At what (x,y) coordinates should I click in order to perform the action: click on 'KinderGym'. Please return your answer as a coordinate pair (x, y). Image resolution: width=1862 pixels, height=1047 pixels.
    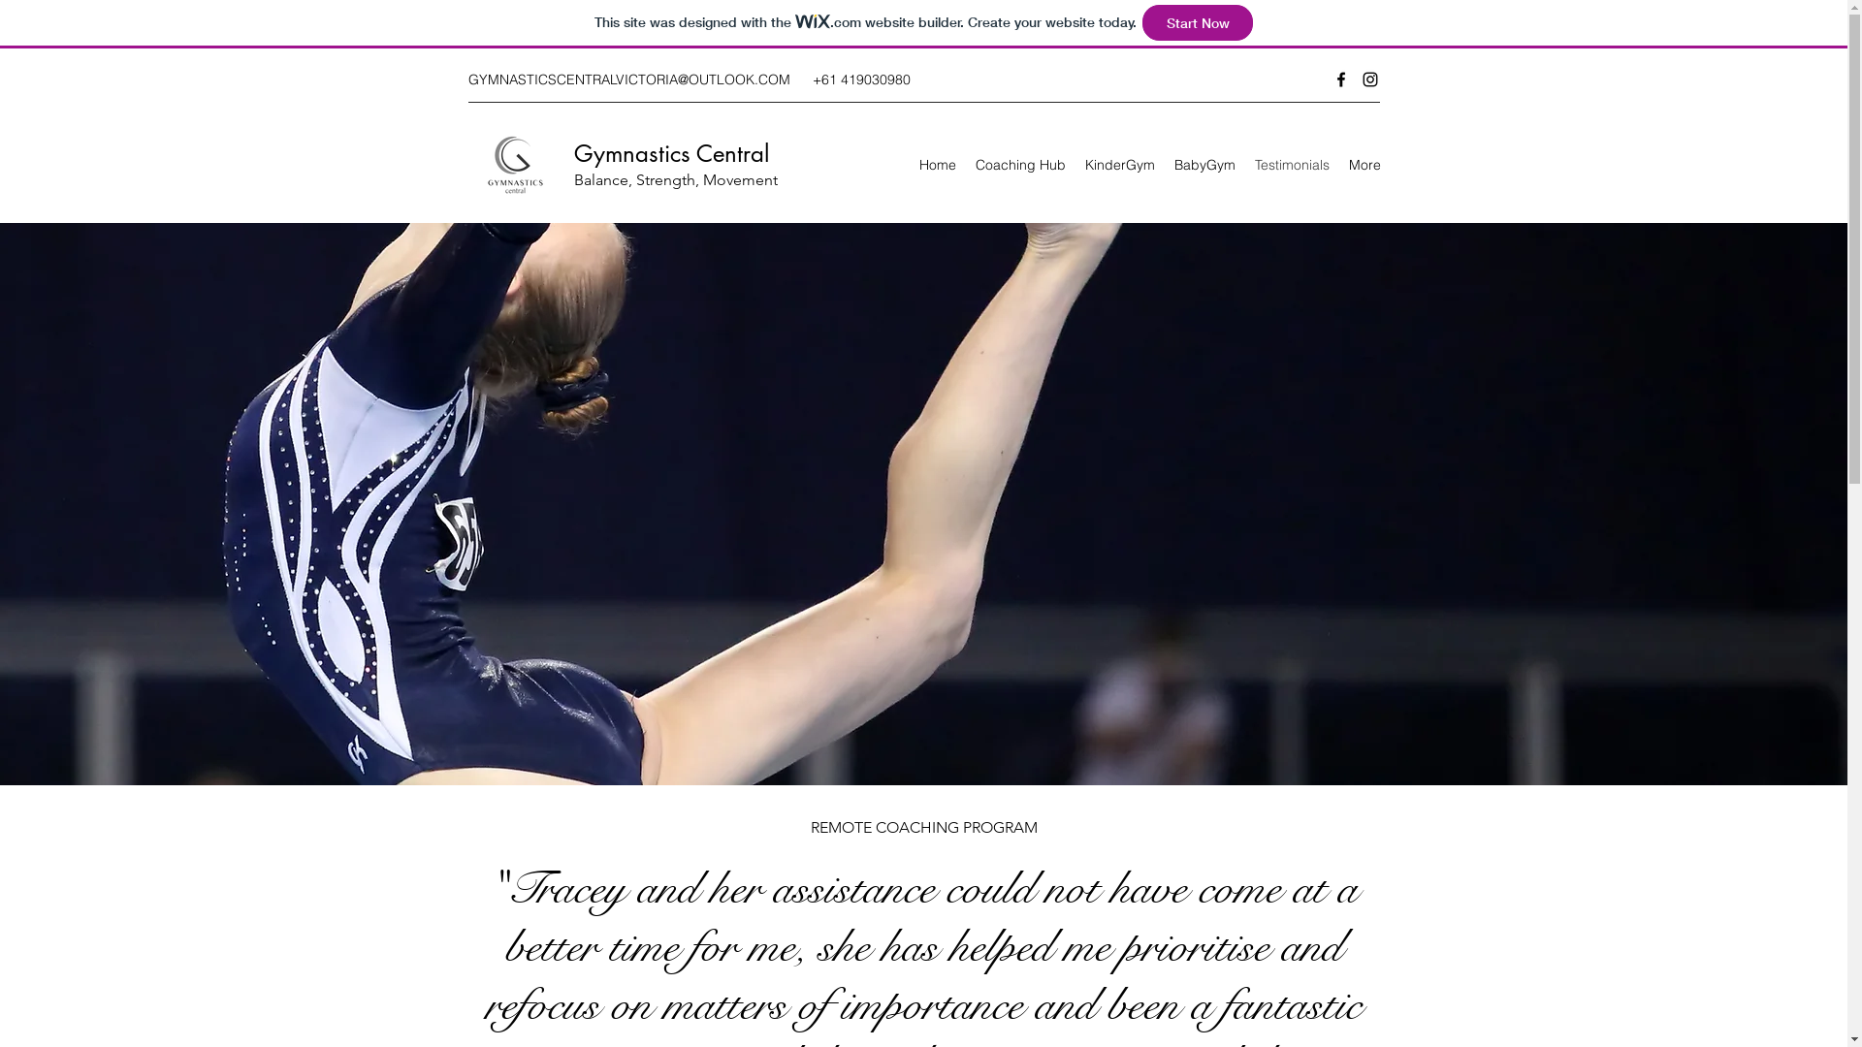
    Looking at the image, I should click on (1118, 163).